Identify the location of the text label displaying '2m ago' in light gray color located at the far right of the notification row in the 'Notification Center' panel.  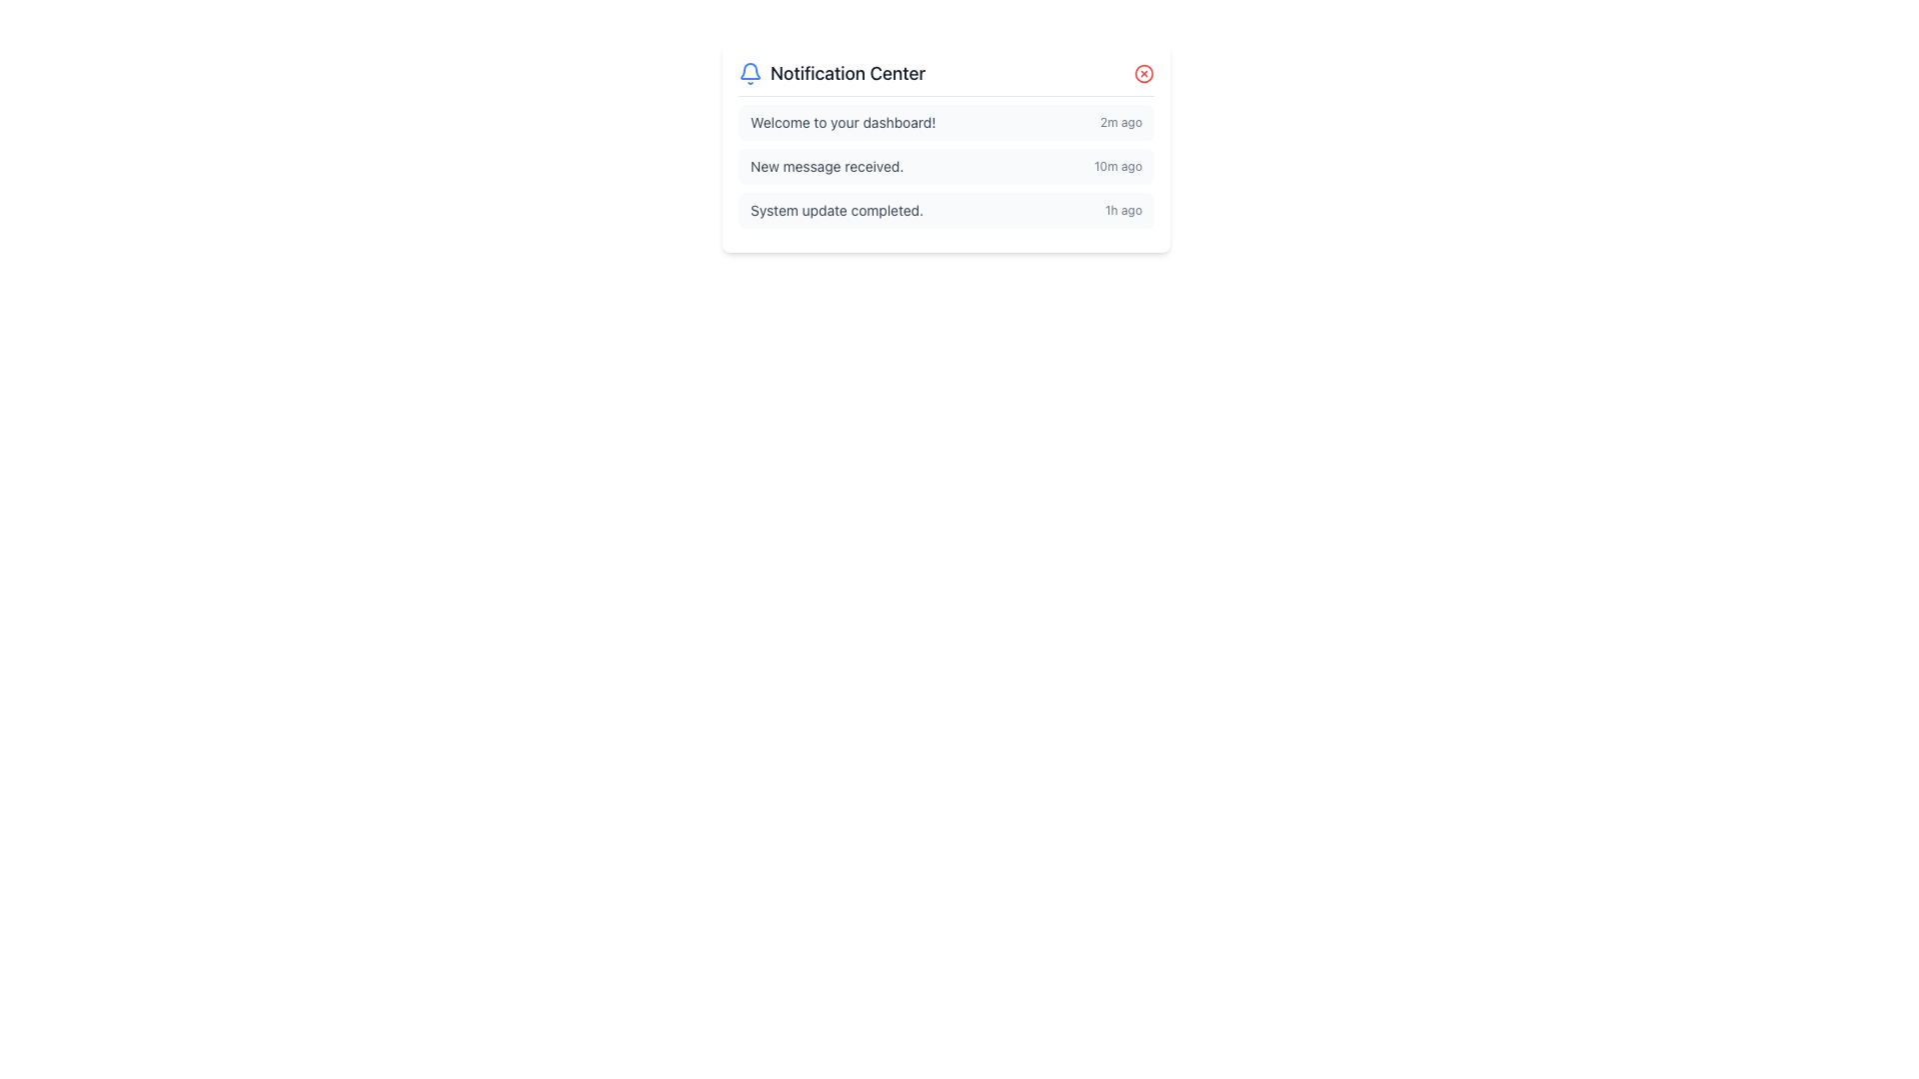
(1120, 123).